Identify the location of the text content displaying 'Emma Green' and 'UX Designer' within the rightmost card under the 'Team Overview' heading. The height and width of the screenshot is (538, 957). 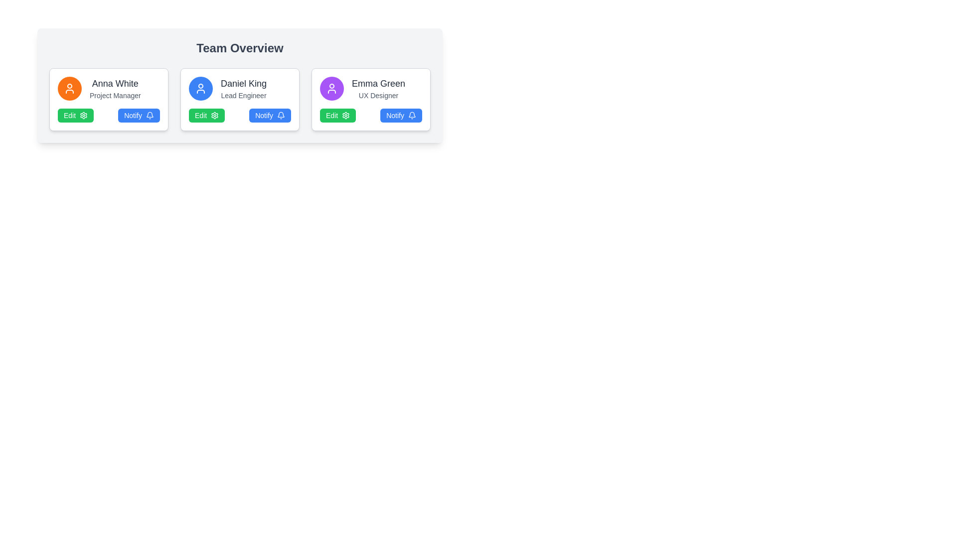
(378, 88).